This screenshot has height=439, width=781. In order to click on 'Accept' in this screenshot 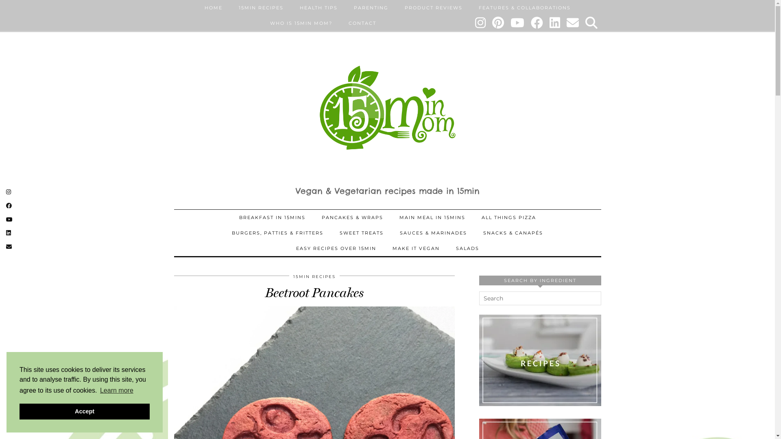, I will do `click(84, 411)`.